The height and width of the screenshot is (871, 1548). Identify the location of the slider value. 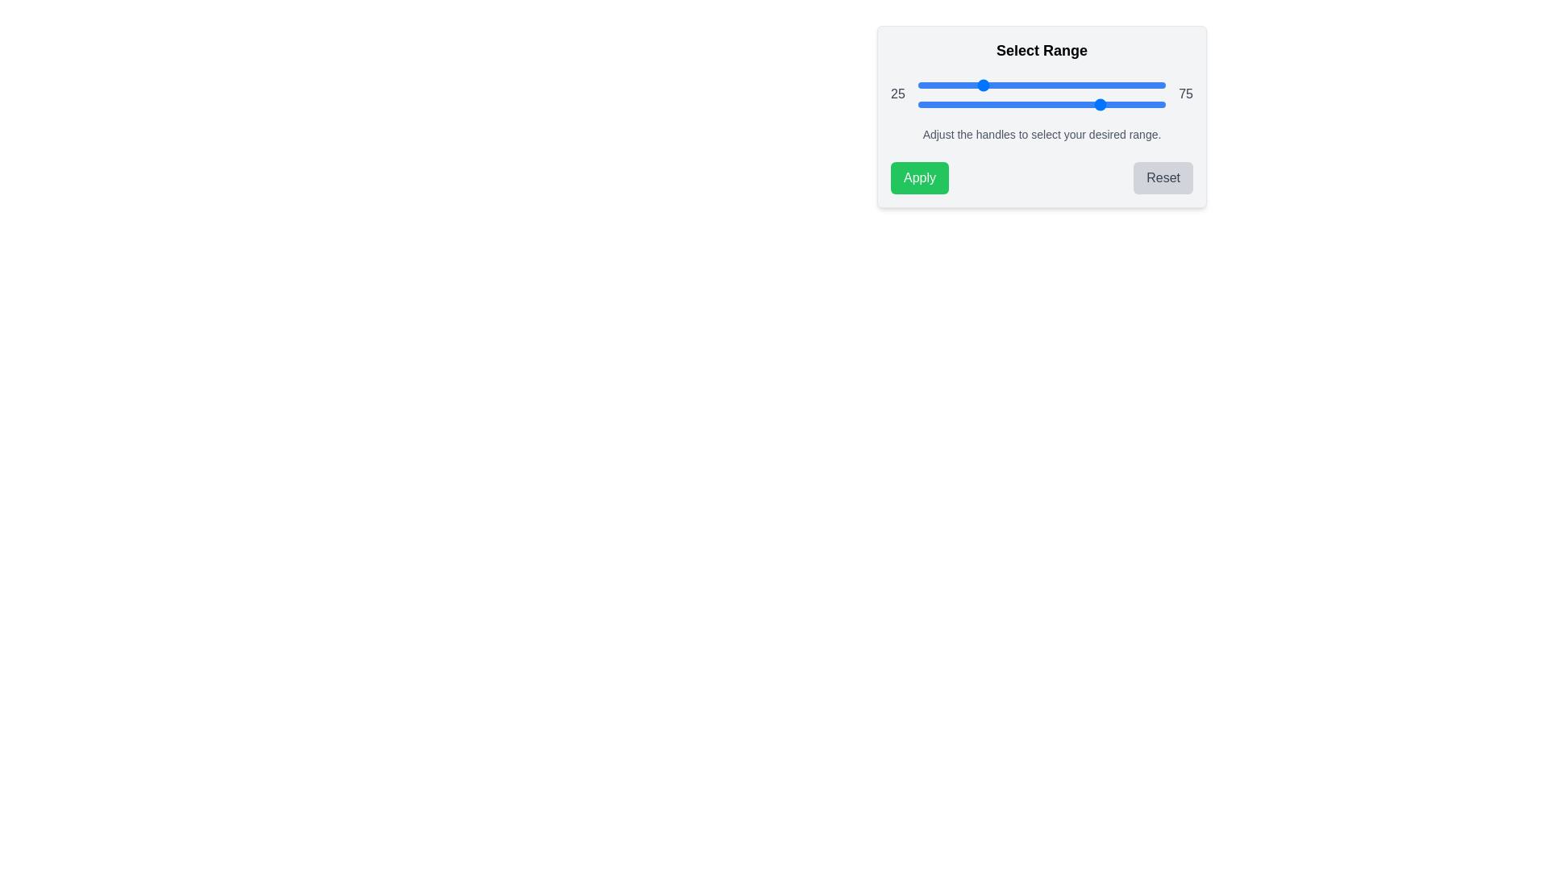
(1163, 105).